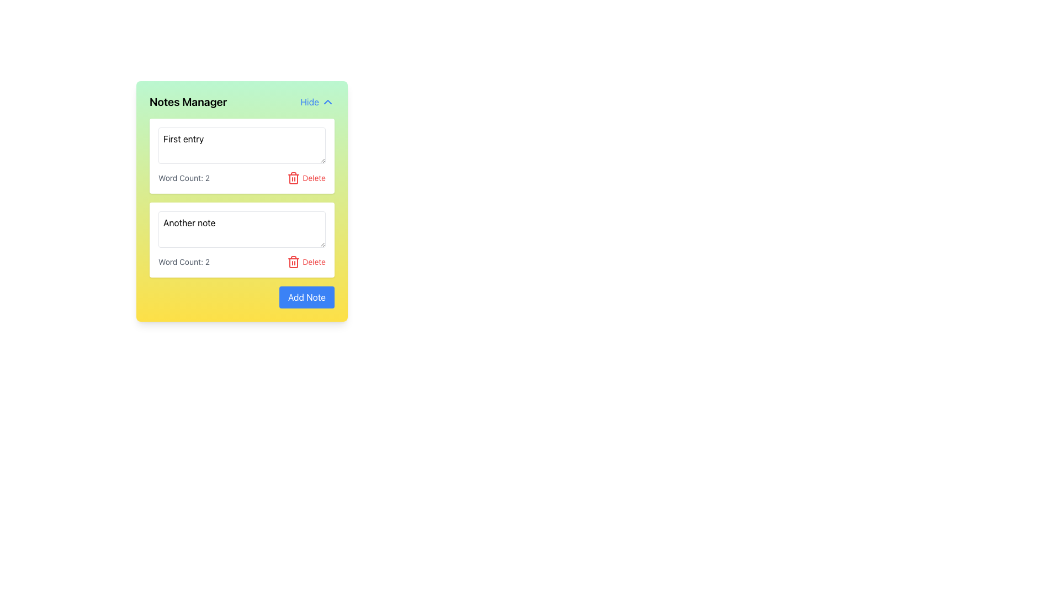  I want to click on text label 'Hide' displayed in blue color in the top-right corner of the Notes Manager interface, so click(309, 102).